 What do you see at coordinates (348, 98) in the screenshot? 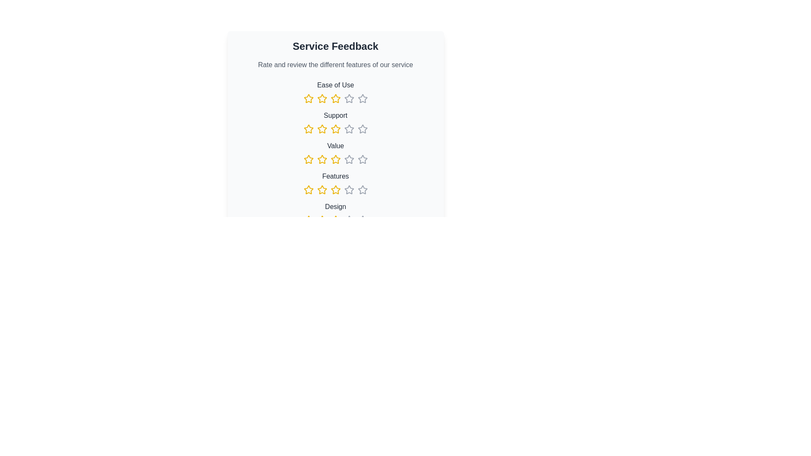
I see `the fourth star icon` at bounding box center [348, 98].